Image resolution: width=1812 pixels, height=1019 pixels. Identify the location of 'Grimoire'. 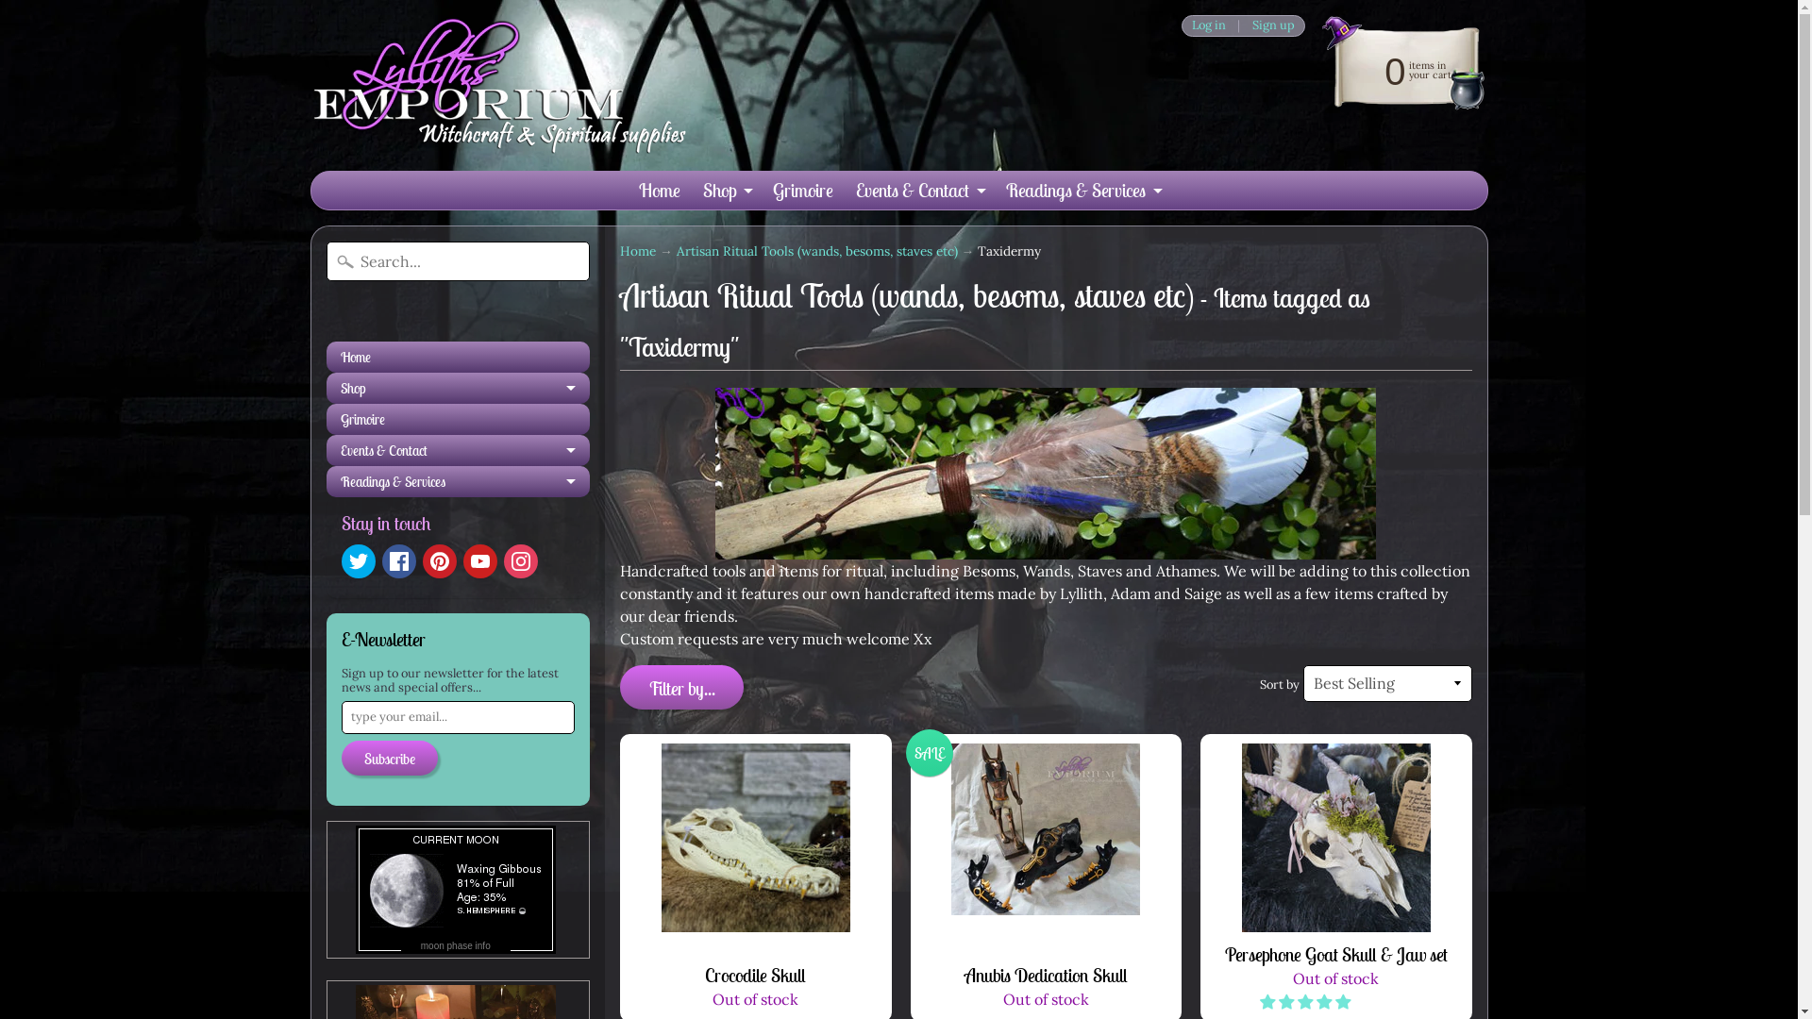
(801, 190).